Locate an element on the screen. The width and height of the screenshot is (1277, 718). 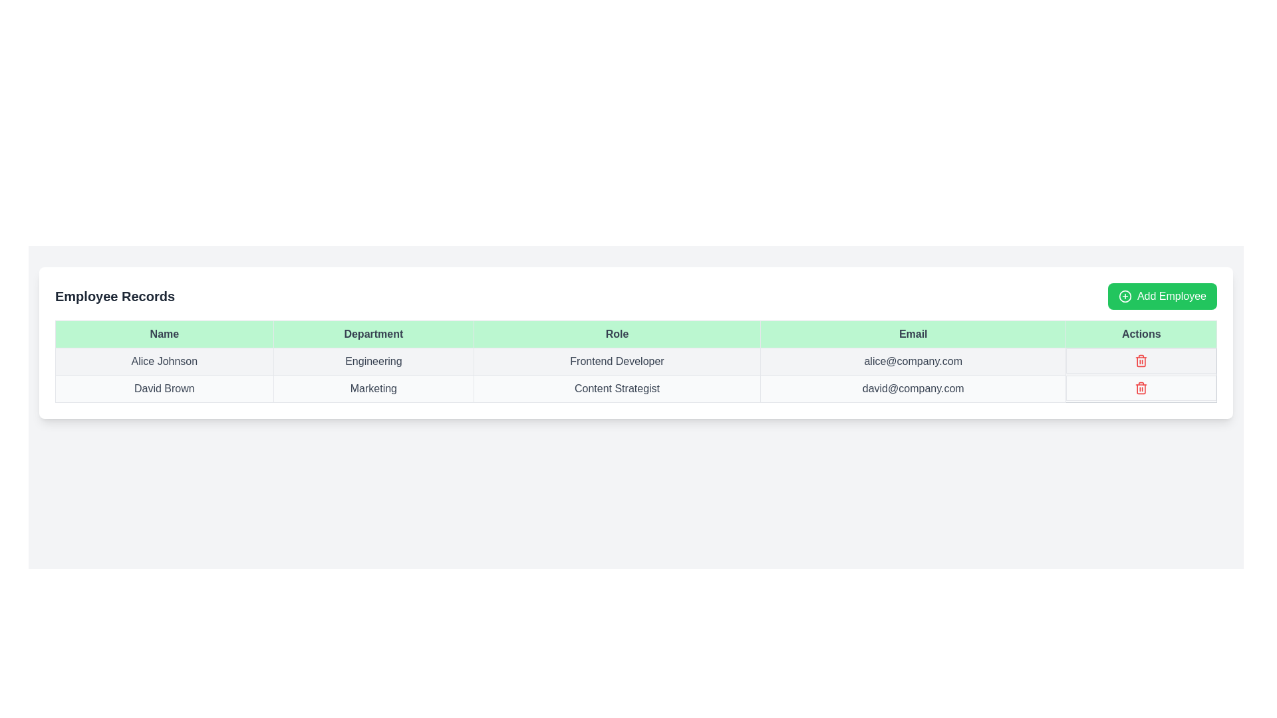
the icon button is located at coordinates (1141, 388).